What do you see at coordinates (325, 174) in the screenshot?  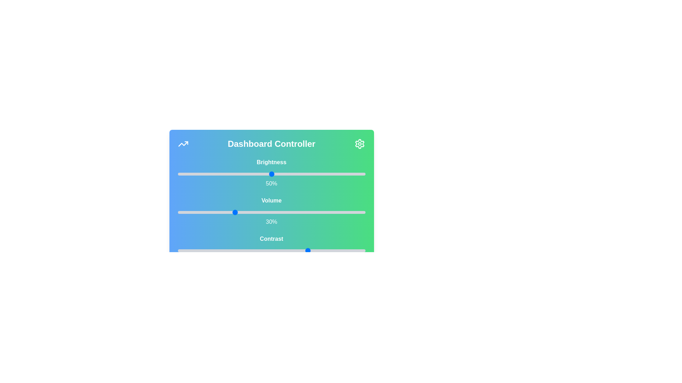 I see `the brightness slider to 79%` at bounding box center [325, 174].